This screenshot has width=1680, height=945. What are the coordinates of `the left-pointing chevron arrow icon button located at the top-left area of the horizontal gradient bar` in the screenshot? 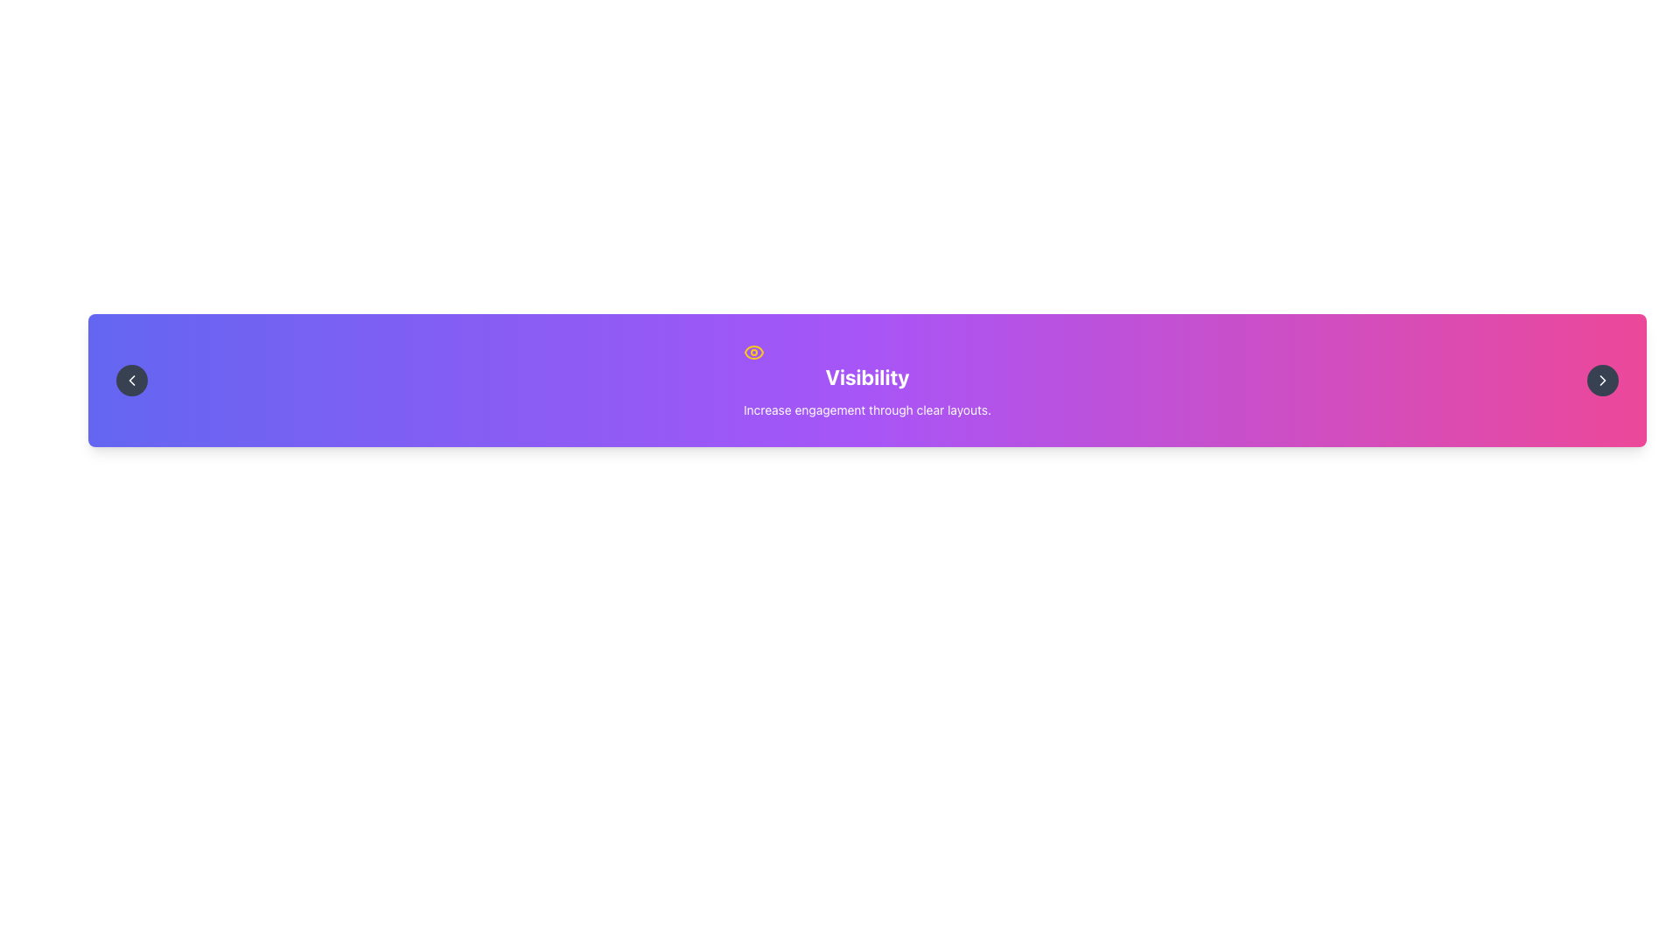 It's located at (130, 380).